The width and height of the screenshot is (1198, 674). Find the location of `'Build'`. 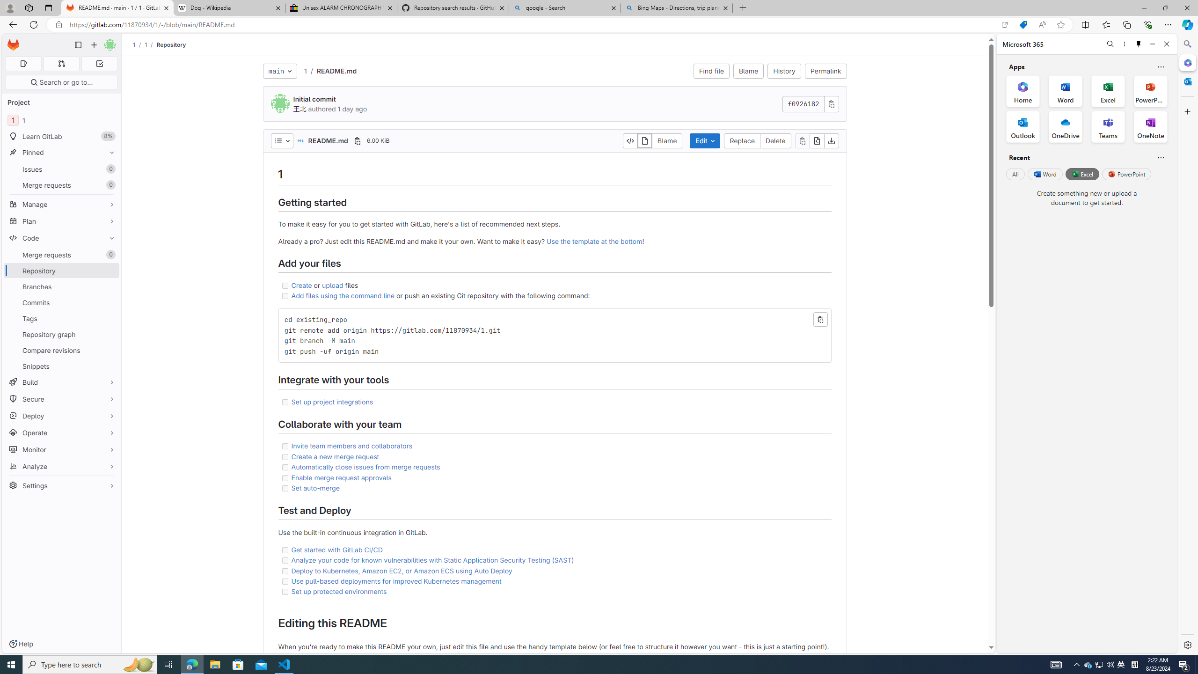

'Build' is located at coordinates (61, 381).